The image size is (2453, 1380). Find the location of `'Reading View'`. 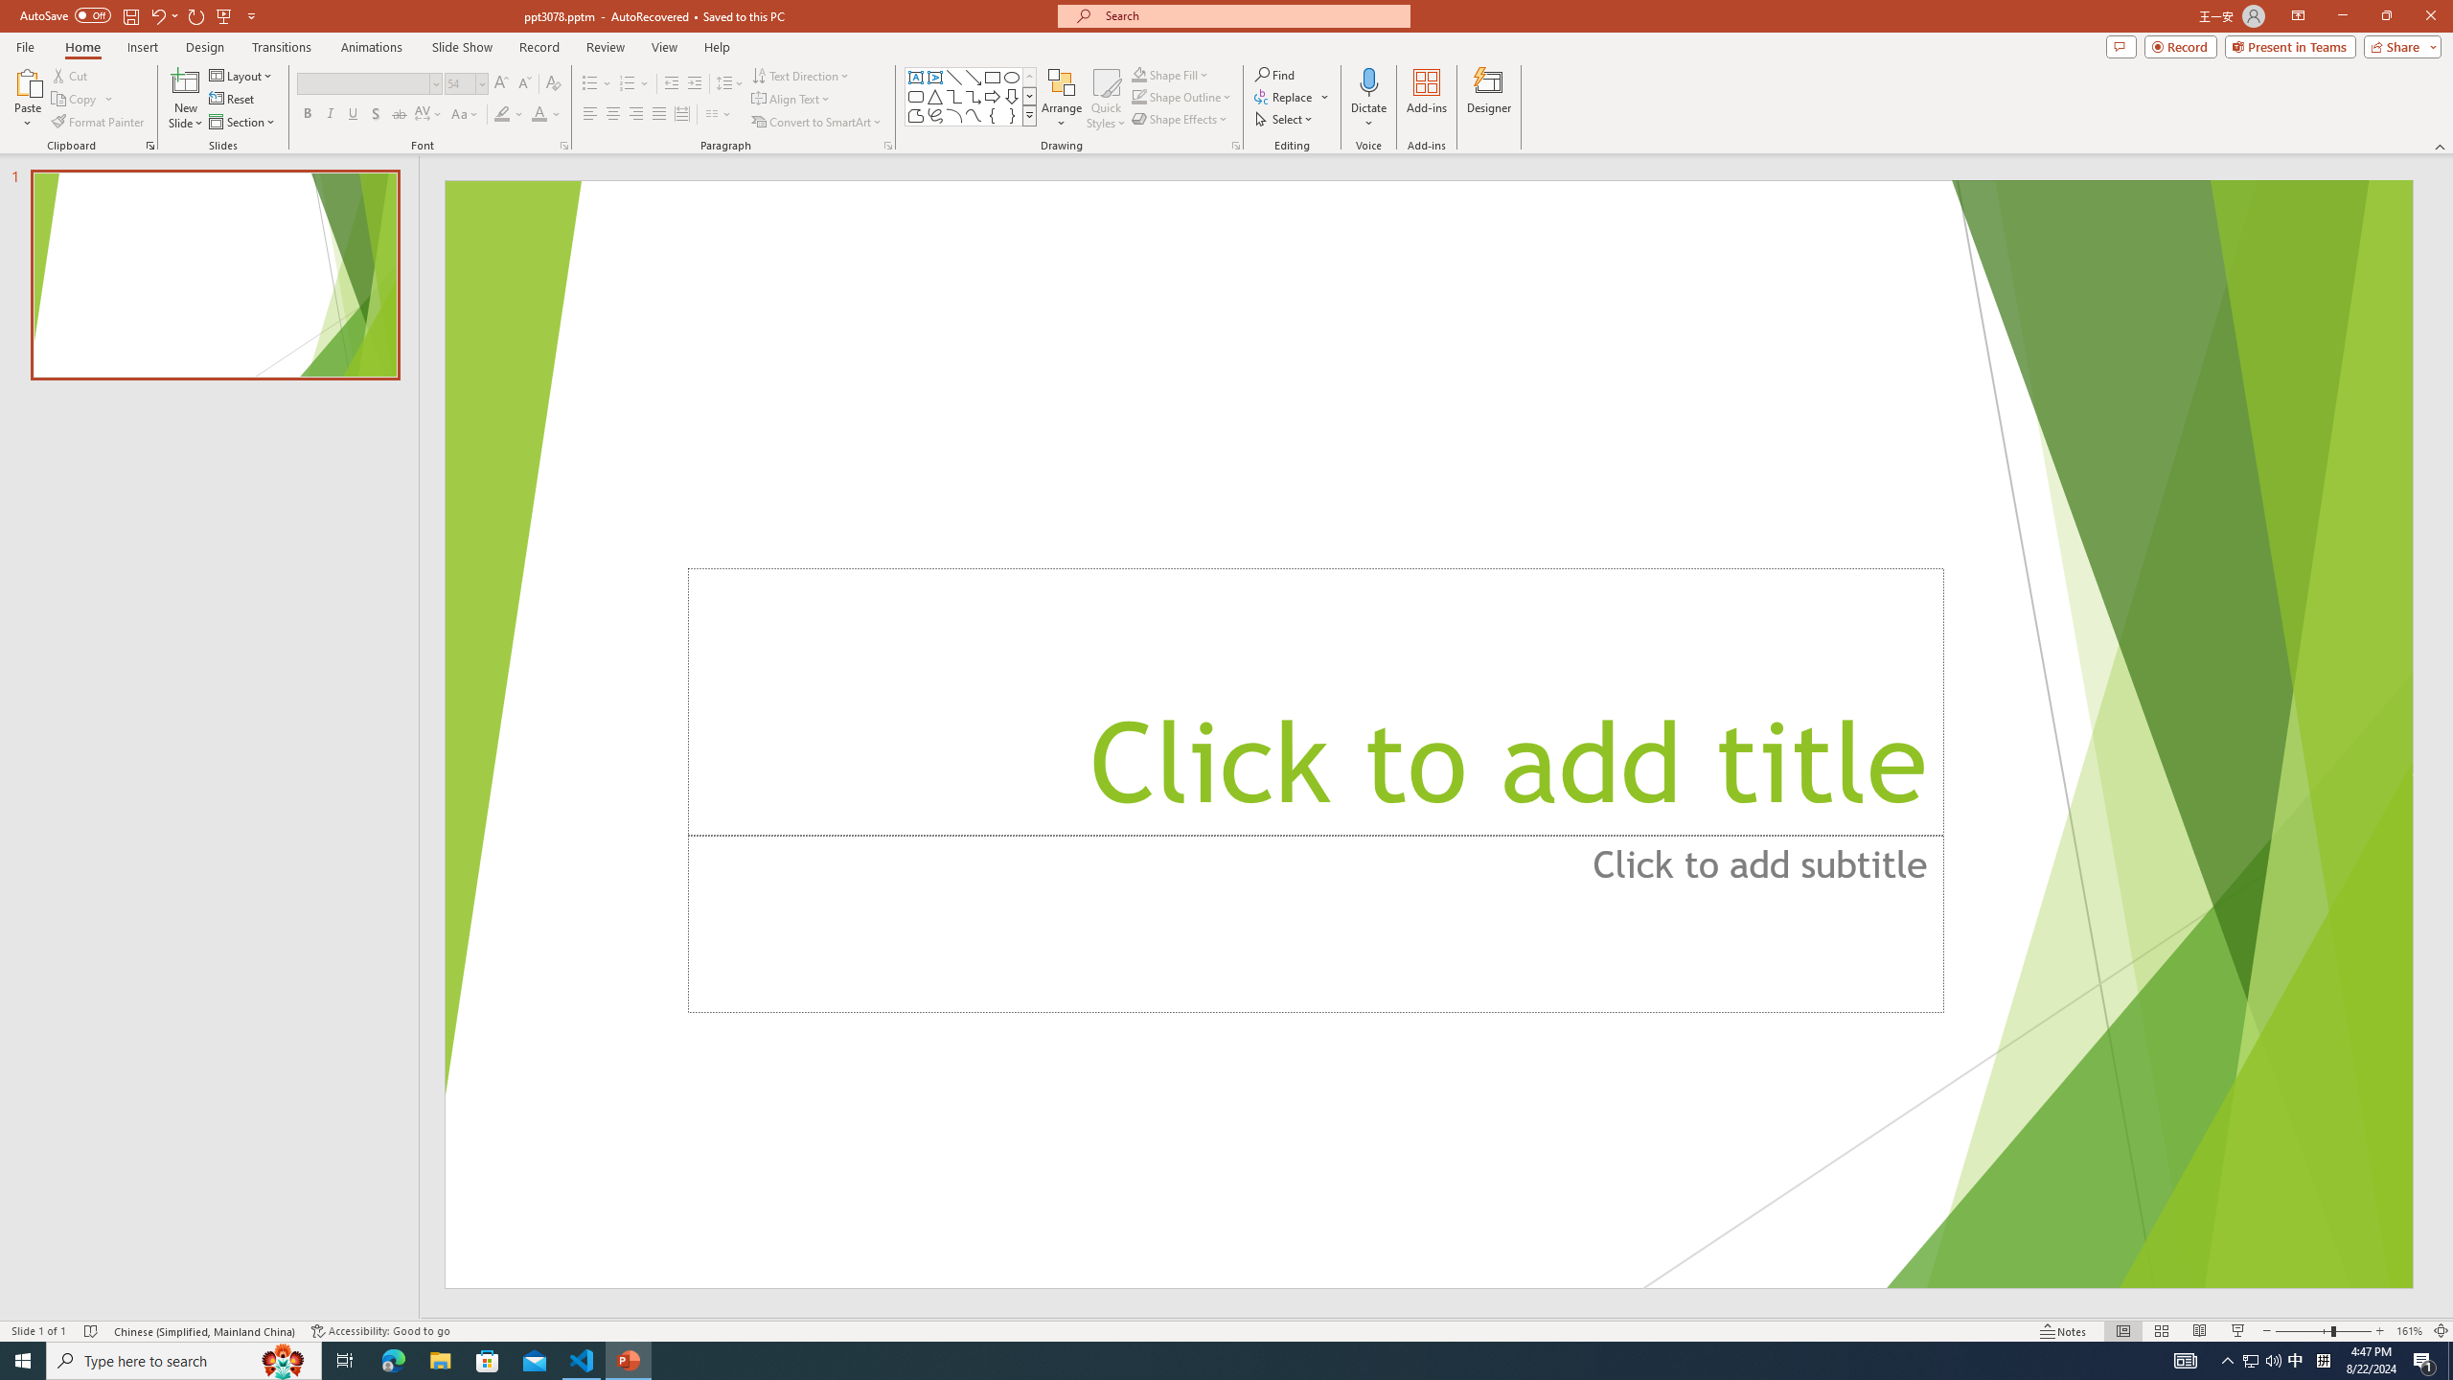

'Reading View' is located at coordinates (2199, 1331).